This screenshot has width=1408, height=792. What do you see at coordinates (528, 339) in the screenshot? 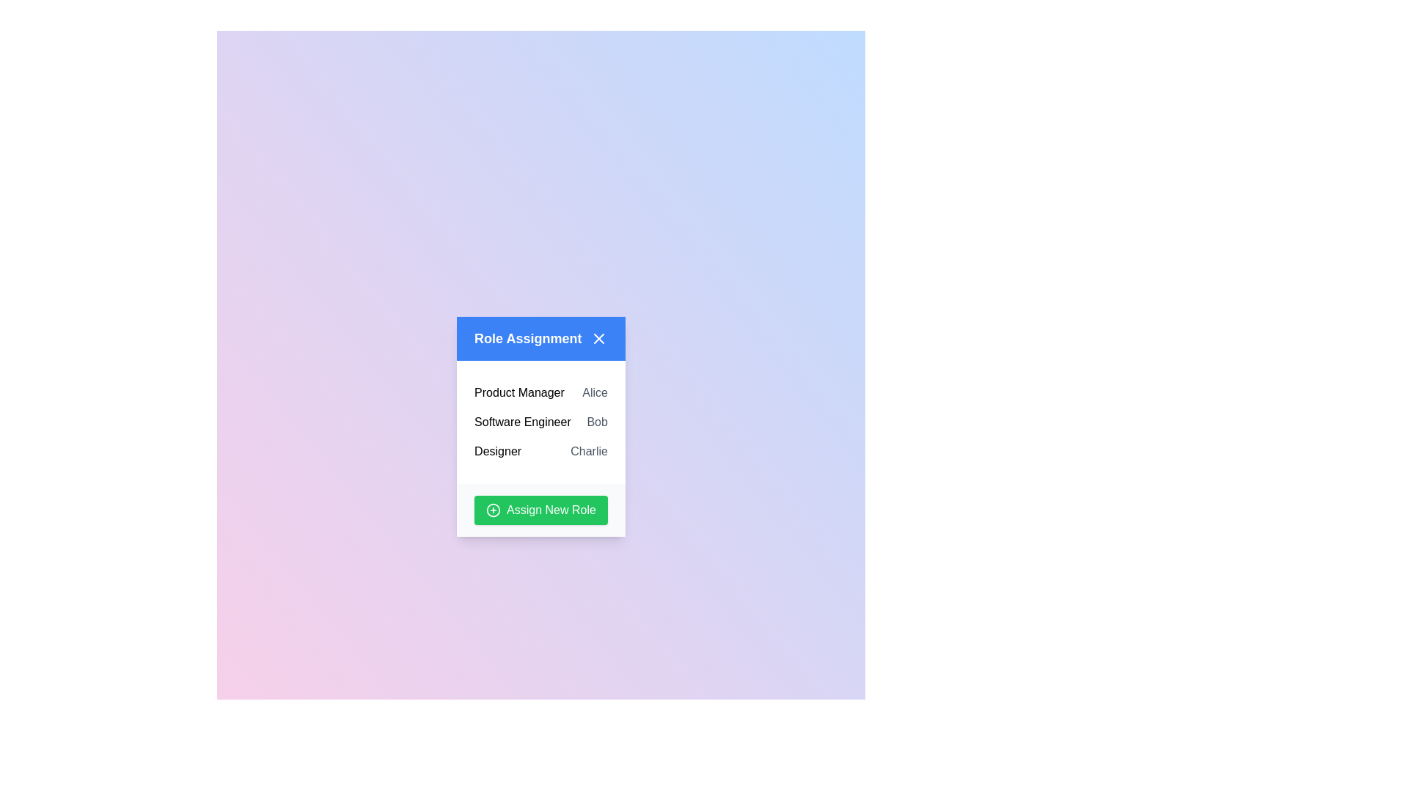
I see `the center of the 'Role Assignment' header text to focus or select it` at bounding box center [528, 339].